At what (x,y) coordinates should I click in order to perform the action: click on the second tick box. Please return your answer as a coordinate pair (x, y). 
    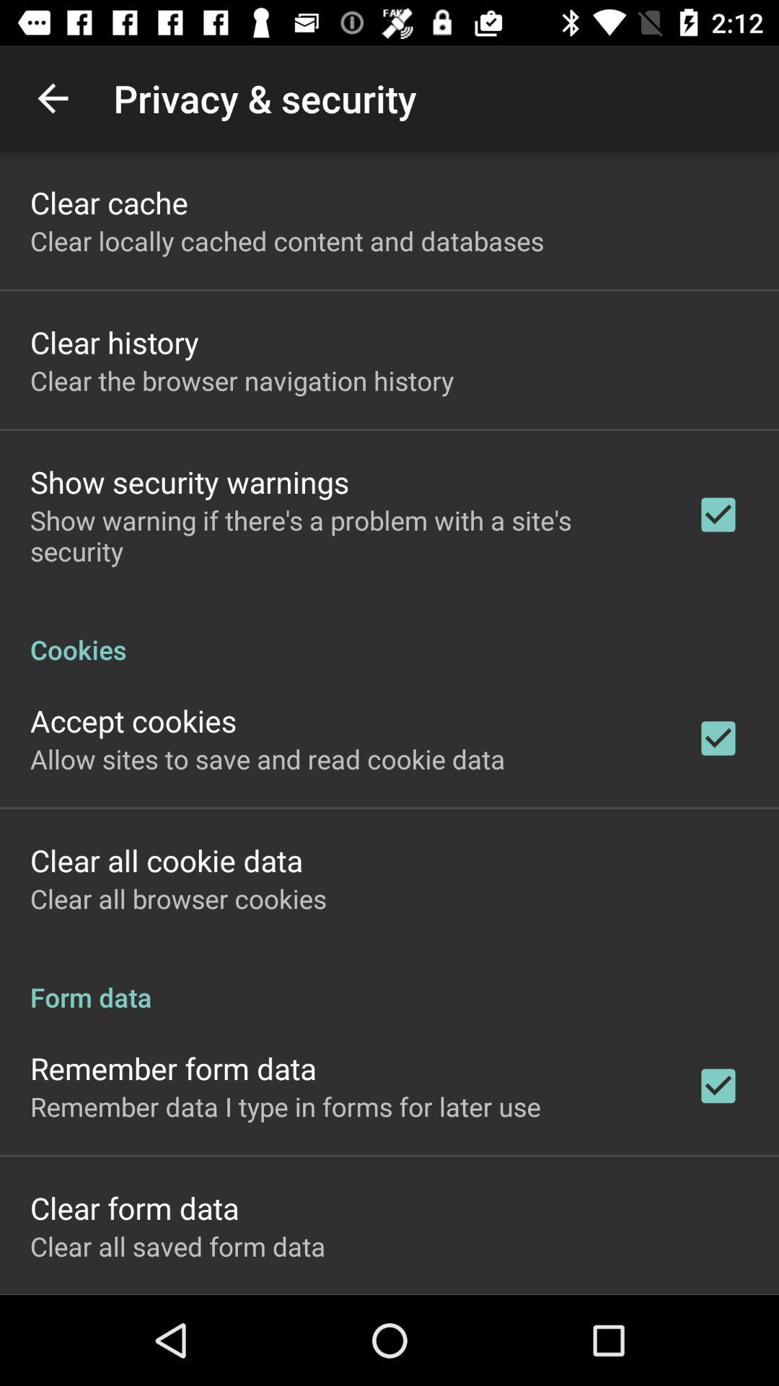
    Looking at the image, I should click on (718, 738).